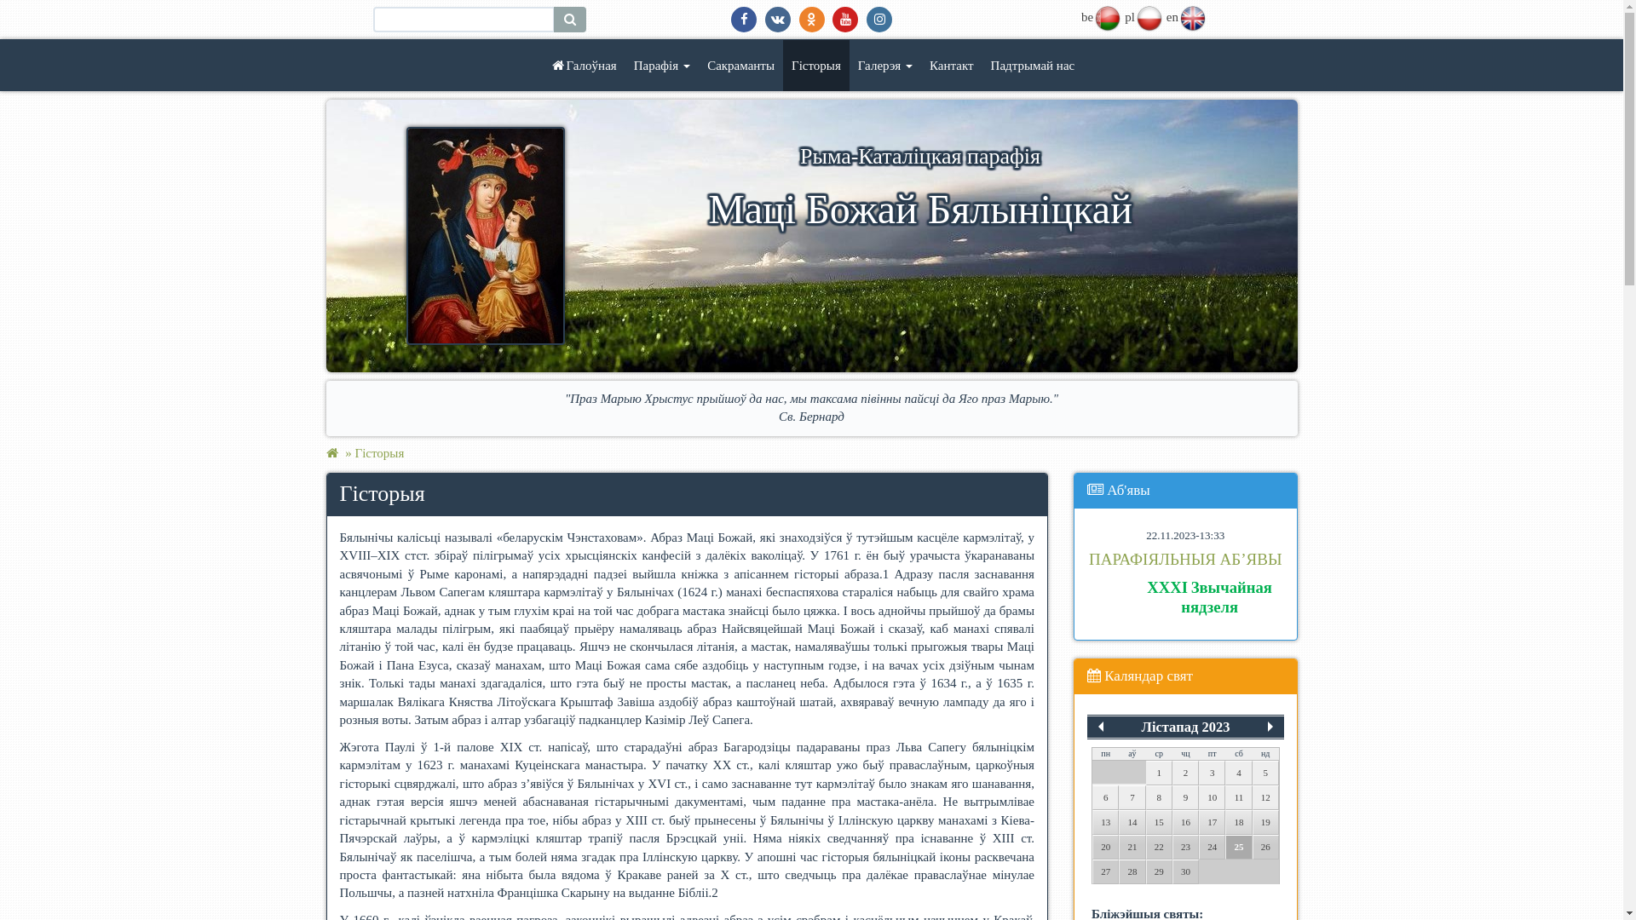 Image resolution: width=1636 pixels, height=920 pixels. I want to click on '17', so click(1211, 821).